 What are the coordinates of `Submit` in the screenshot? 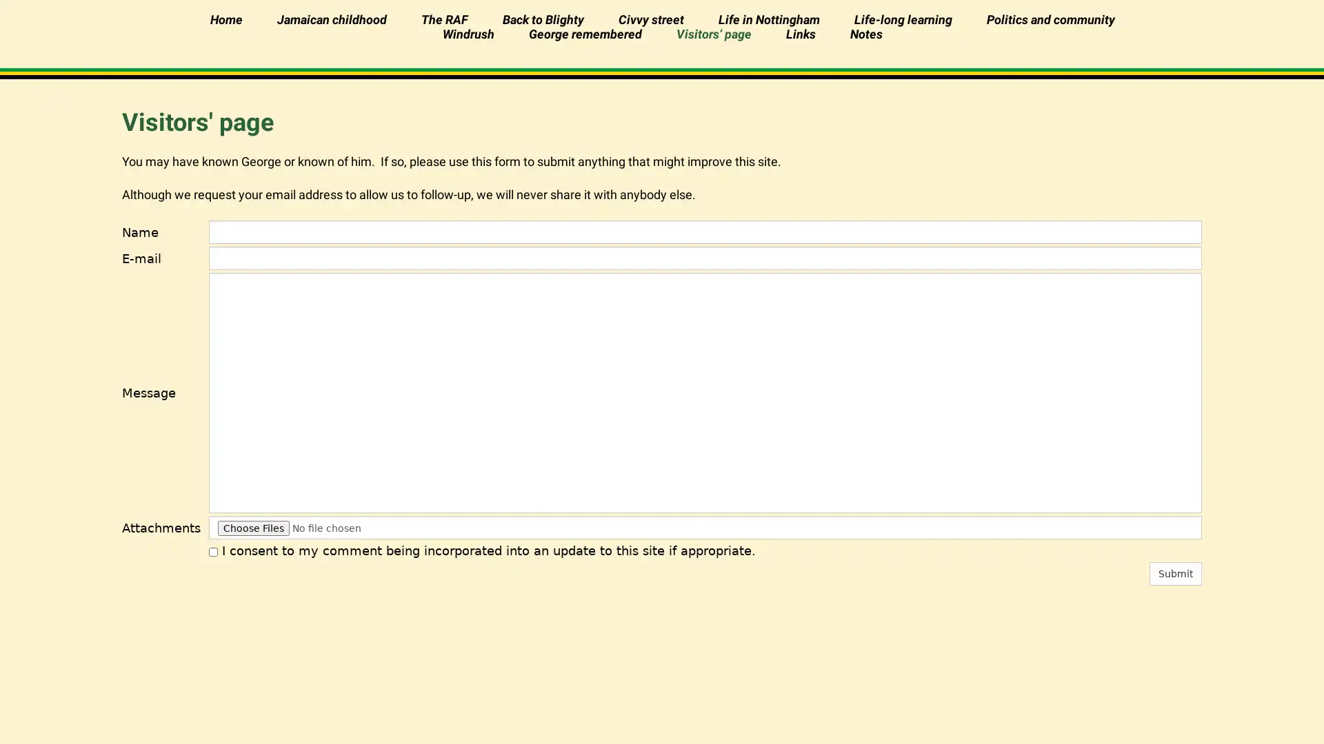 It's located at (1174, 574).